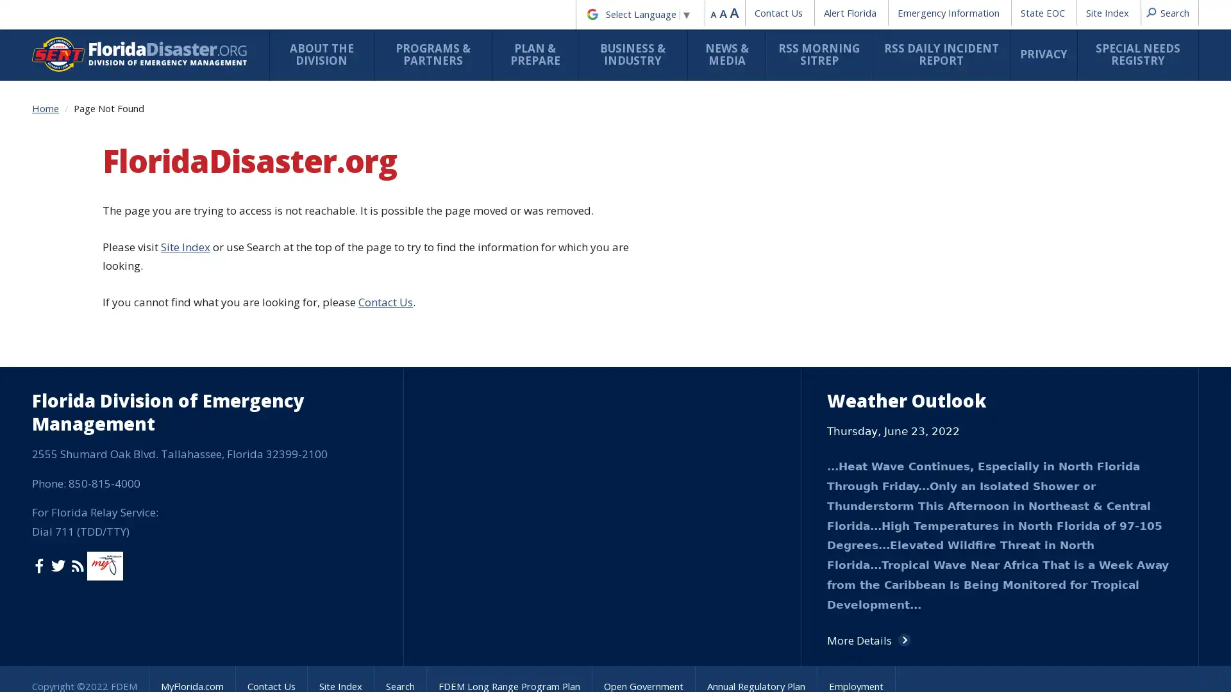 The width and height of the screenshot is (1231, 692). What do you see at coordinates (385, 148) in the screenshot?
I see `Toggle More` at bounding box center [385, 148].